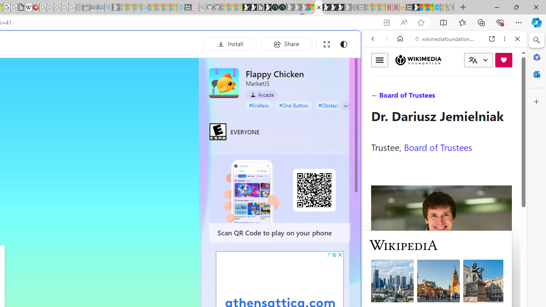 The width and height of the screenshot is (546, 307). What do you see at coordinates (340, 254) in the screenshot?
I see `'AutomationID: cbb'` at bounding box center [340, 254].